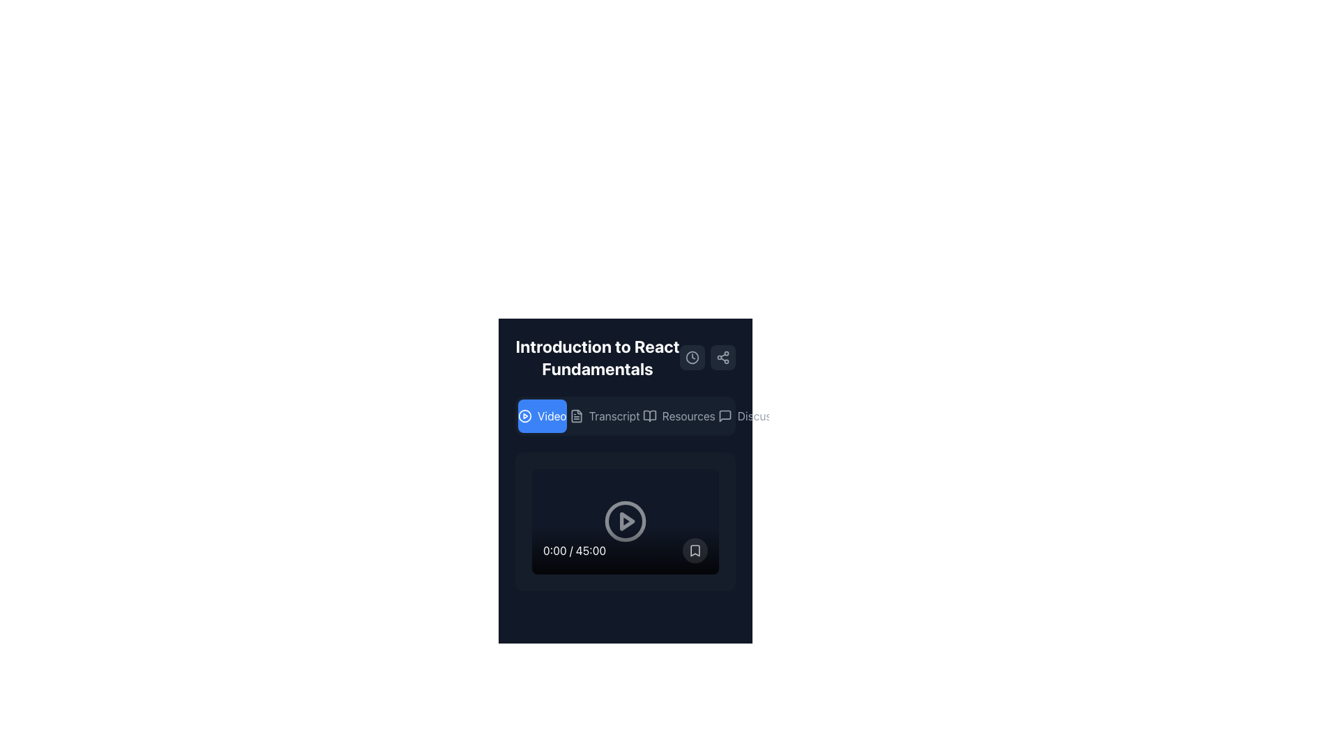 The width and height of the screenshot is (1339, 753). I want to click on the 'Transcript' text label, so click(614, 416).